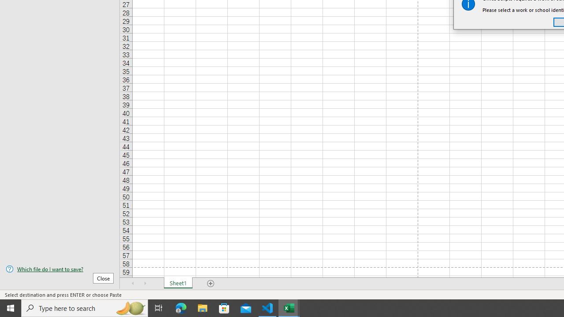  What do you see at coordinates (289, 307) in the screenshot?
I see `'Excel - 2 running windows'` at bounding box center [289, 307].